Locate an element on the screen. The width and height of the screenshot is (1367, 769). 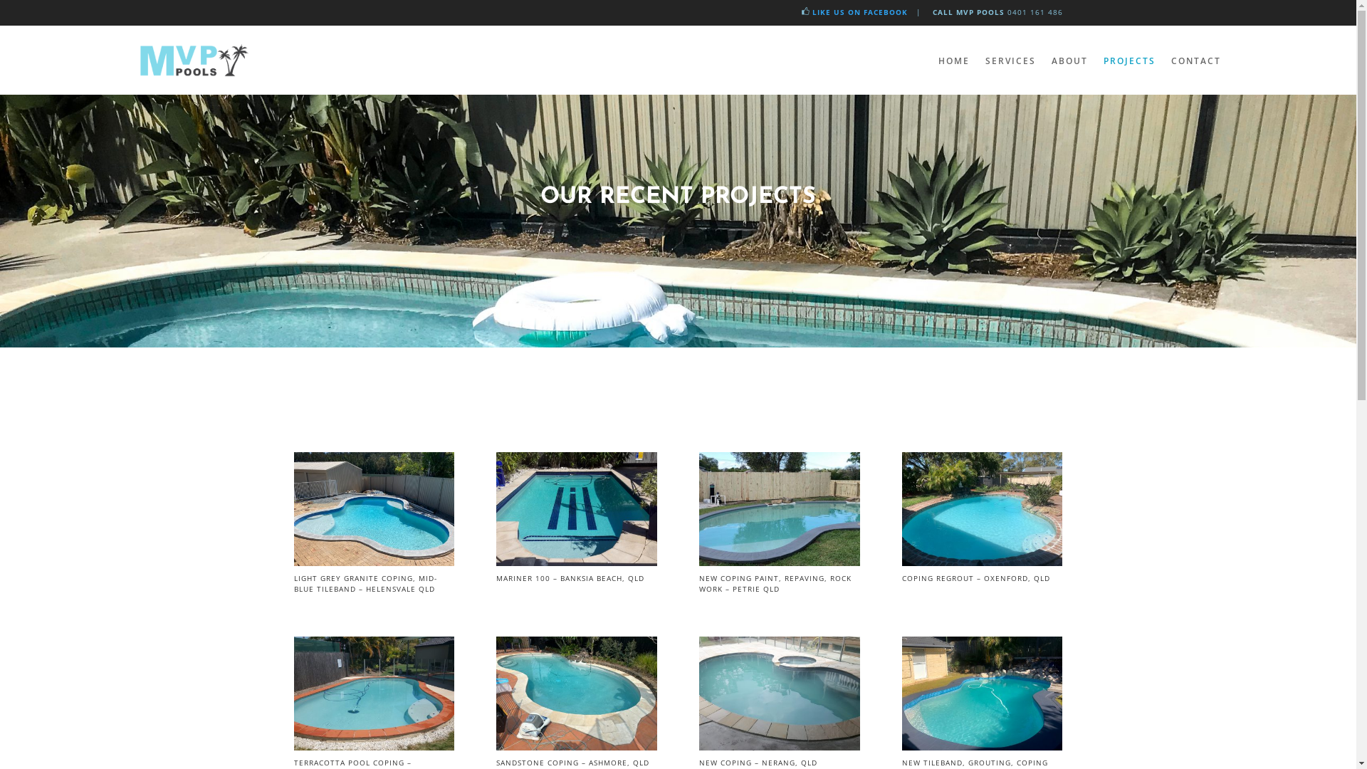
'PROJECTS' is located at coordinates (1128, 60).